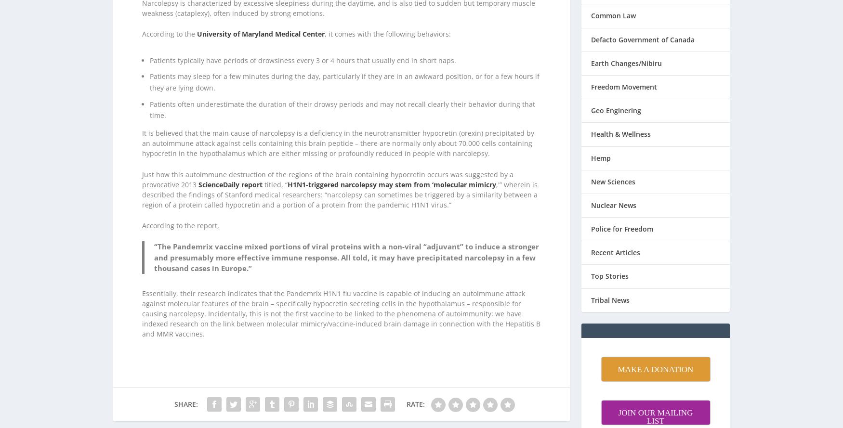 The width and height of the screenshot is (843, 428). What do you see at coordinates (142, 300) in the screenshot?
I see `'Essentially, their research indicates that the Pandemrix H1N1 flu vaccine is capable of inducing an autoimmune attack against molecular features of the brain – specifically hypocretin secreting cells in the hypothalamus – responsible for causing narcolepsy. Incidentally, this is not the first vaccine to be linked to the phenomena of autoimmunity: we have indexed research on the link between molecular mimicry/vaccine-induced brain damage in connection with the Hepatitis B and MMR vaccines.'` at bounding box center [142, 300].